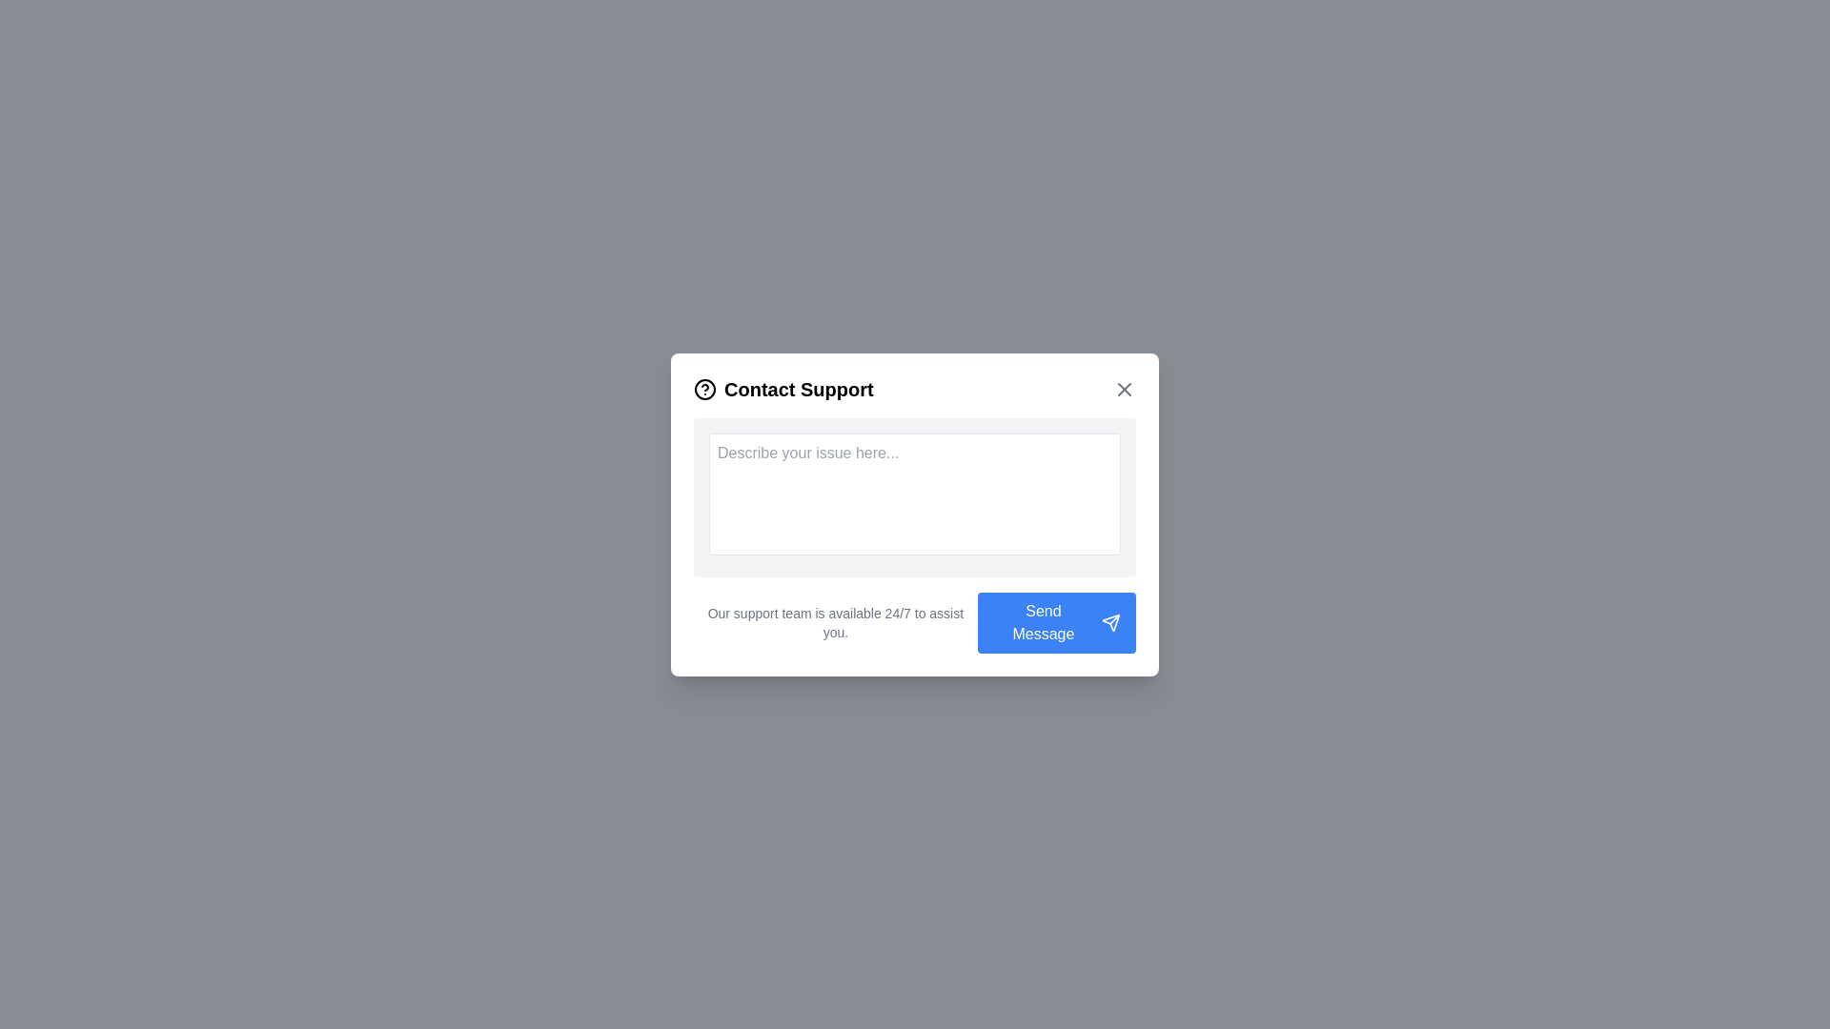 This screenshot has height=1029, width=1830. Describe the element at coordinates (1055, 622) in the screenshot. I see `the 'Send Message' button located at the bottom-right of the 'Contact Support' modal dialog box` at that location.